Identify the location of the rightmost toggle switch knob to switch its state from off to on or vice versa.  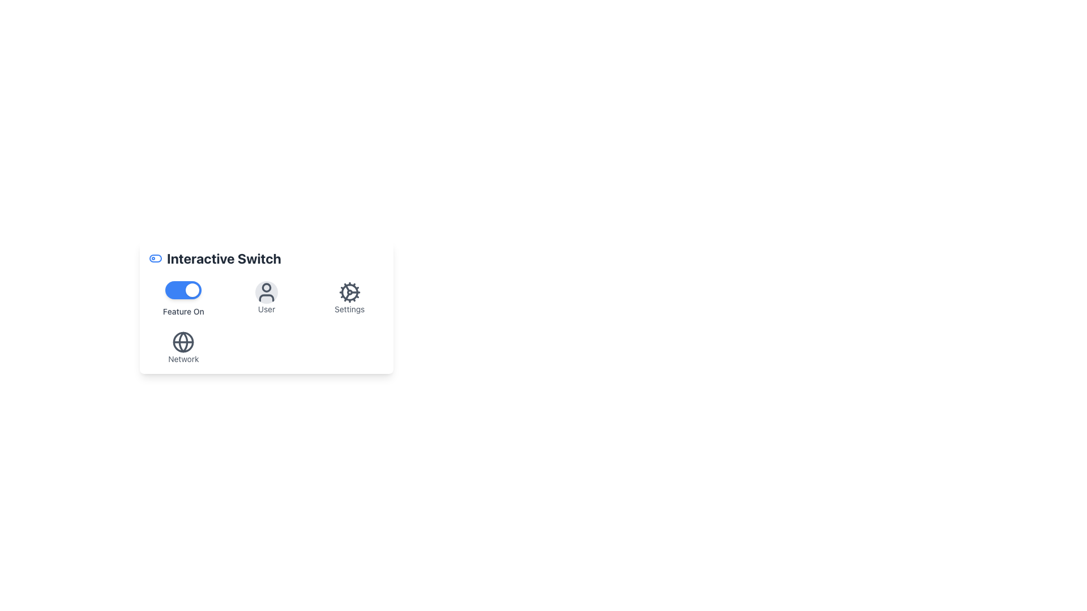
(192, 290).